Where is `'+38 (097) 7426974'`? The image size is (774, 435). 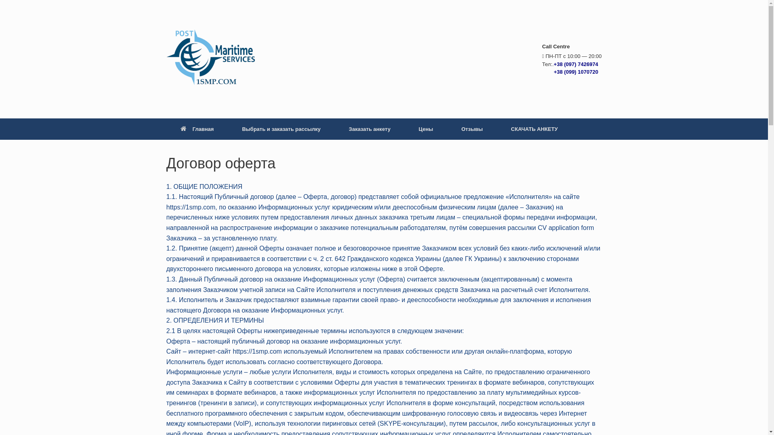 '+38 (097) 7426974' is located at coordinates (576, 64).